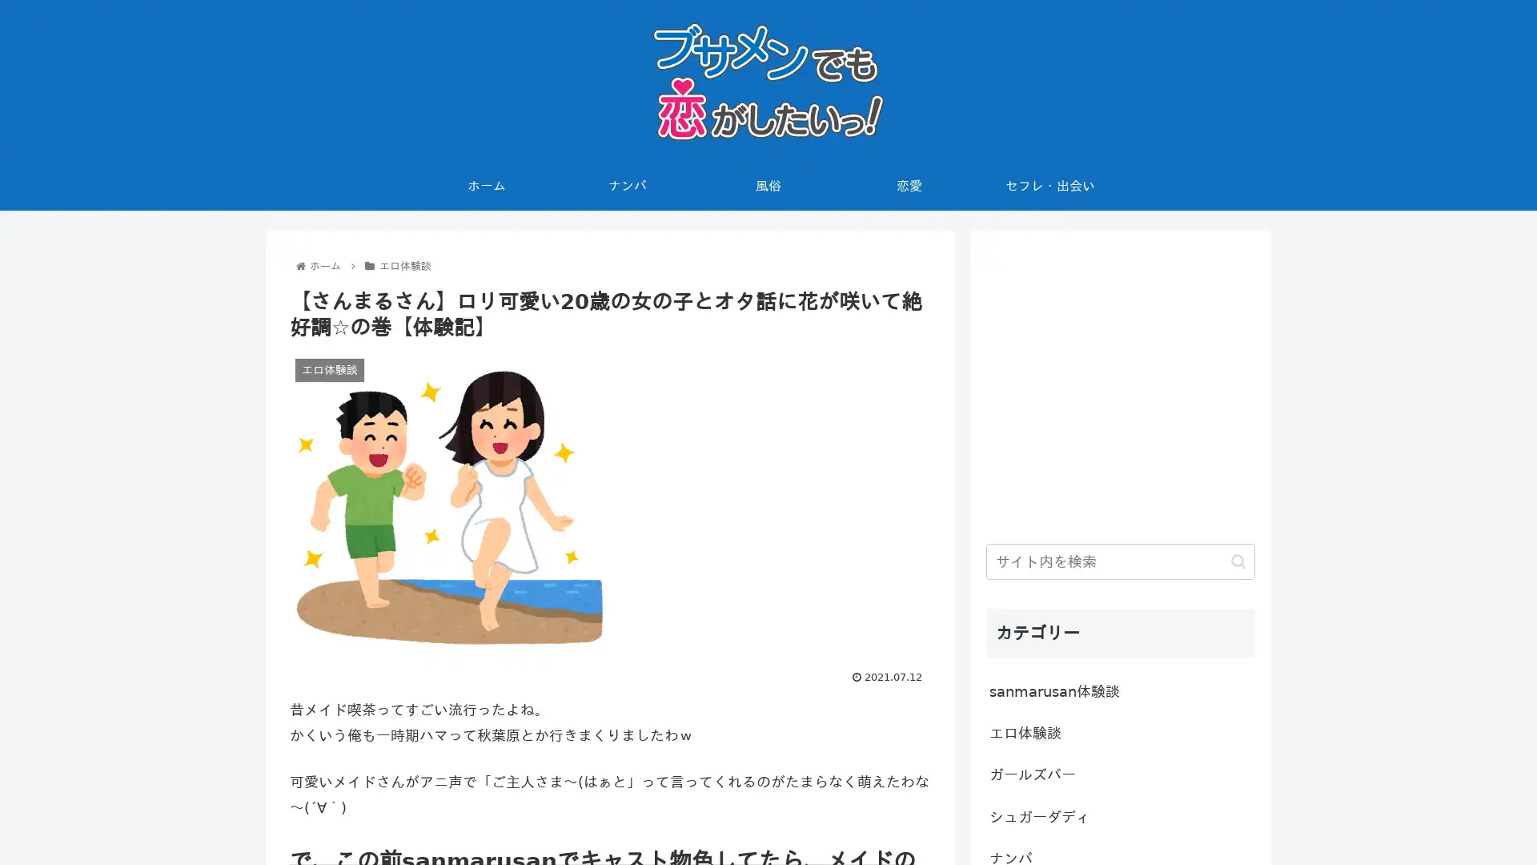 This screenshot has width=1537, height=865. Describe the element at coordinates (1238, 561) in the screenshot. I see `button` at that location.